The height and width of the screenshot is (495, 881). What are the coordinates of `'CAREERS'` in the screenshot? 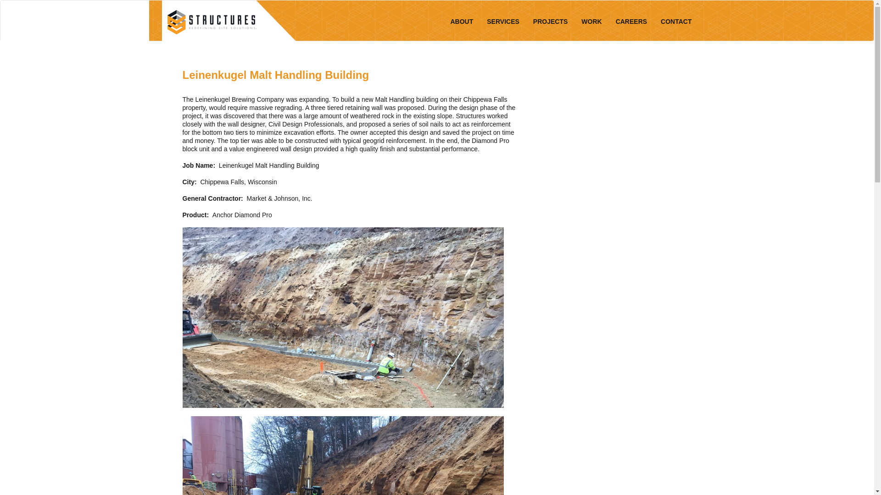 It's located at (631, 21).